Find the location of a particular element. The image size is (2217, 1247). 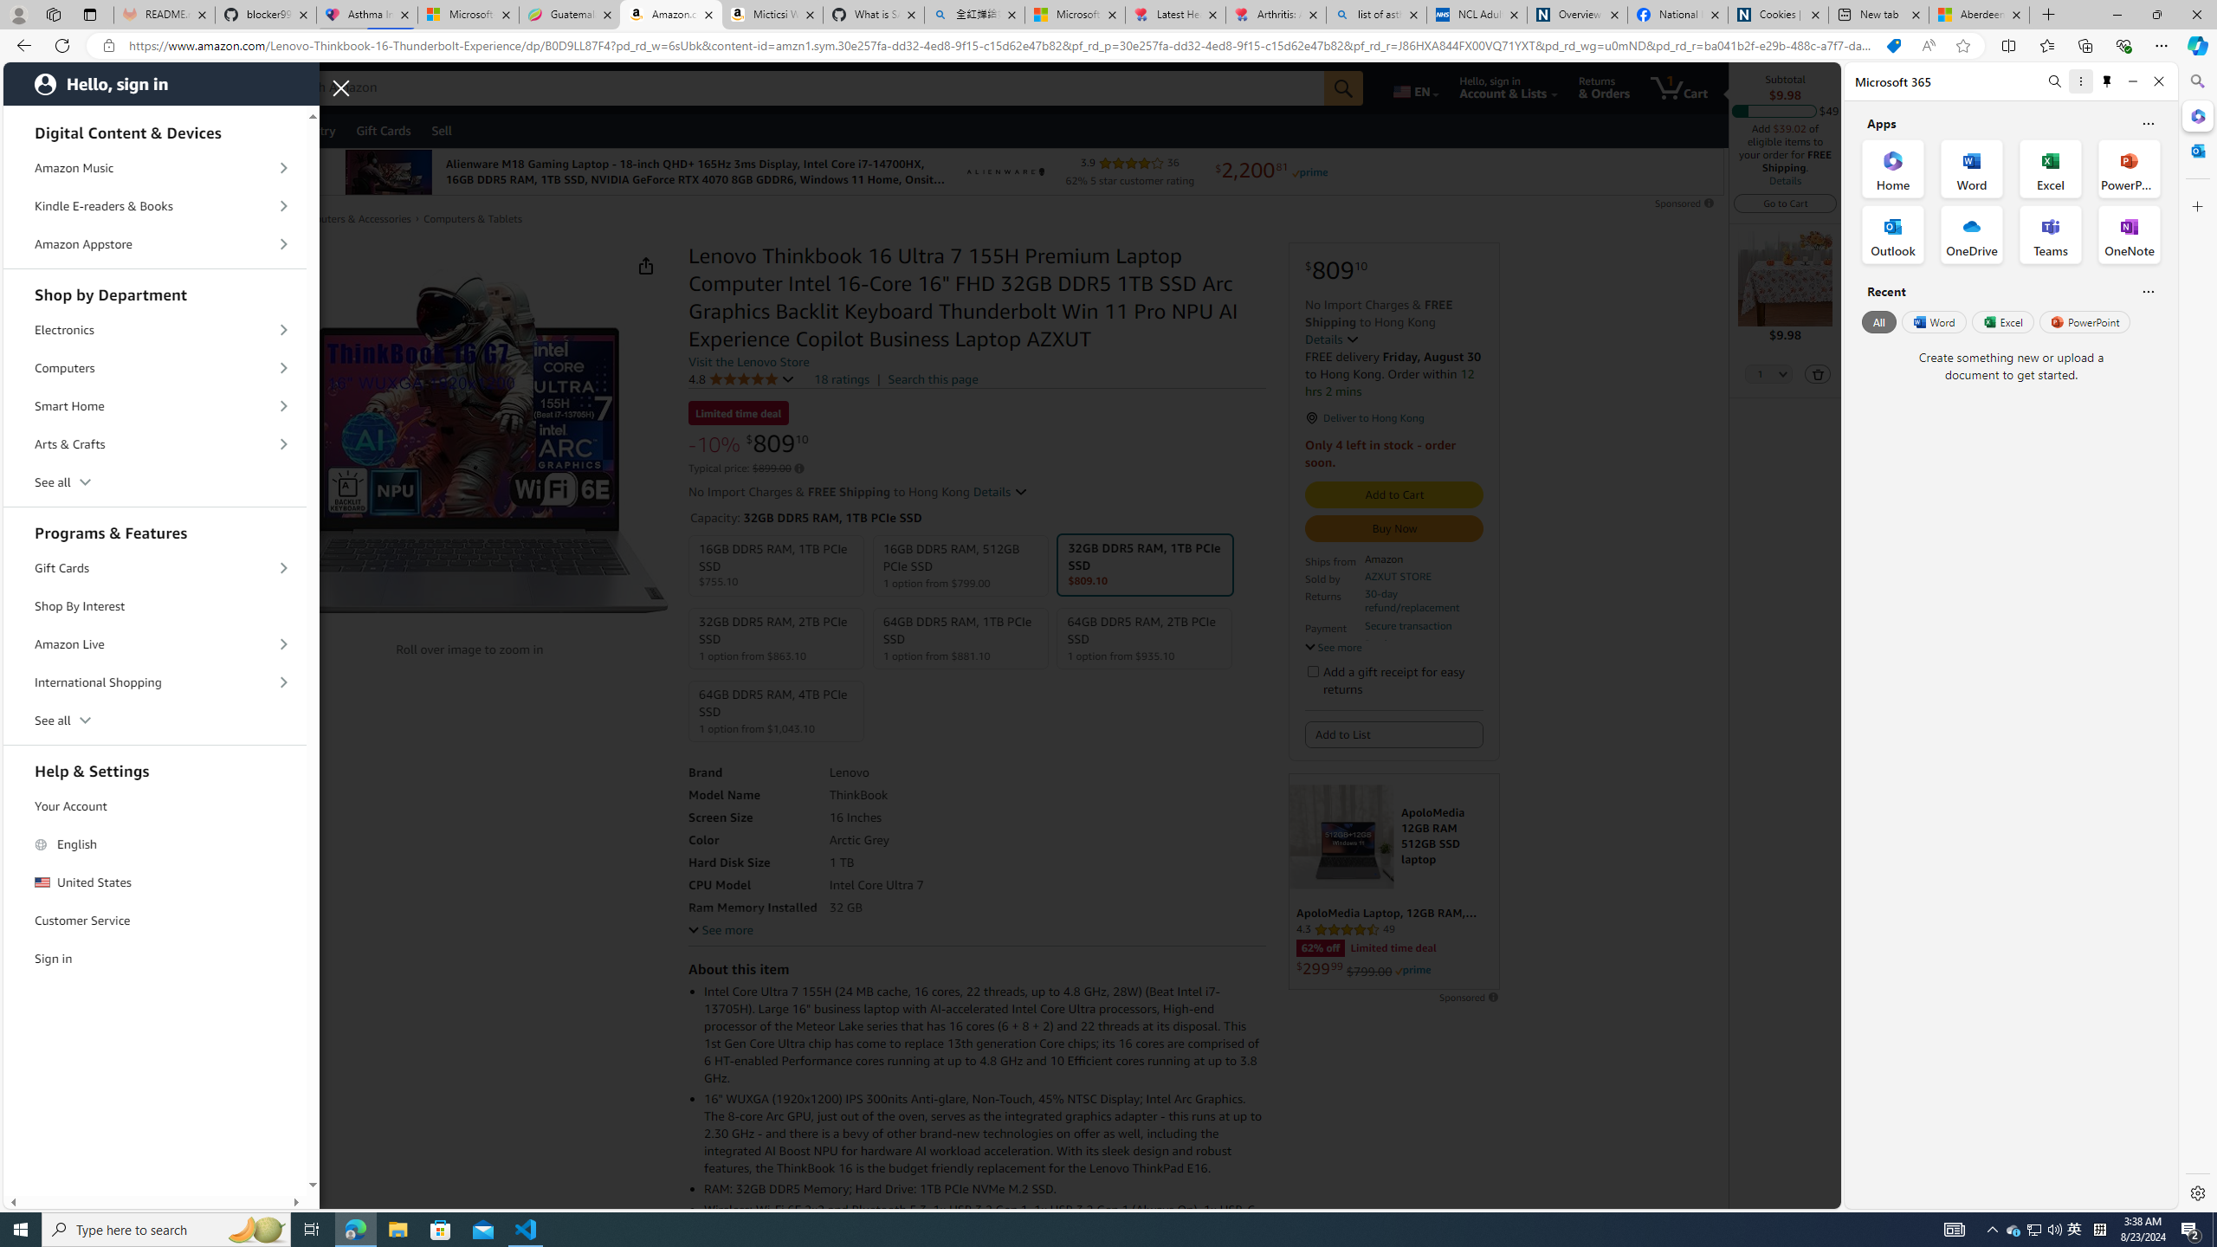

'16GB DDR5 RAM, 1TB PCIe SSD $755.10' is located at coordinates (776, 565).